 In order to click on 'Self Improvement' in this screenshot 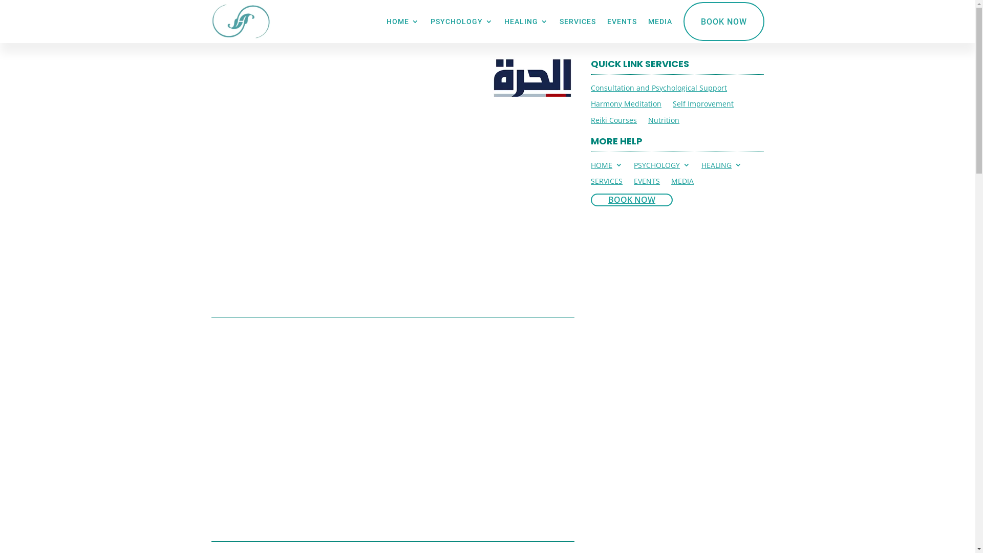, I will do `click(702, 105)`.